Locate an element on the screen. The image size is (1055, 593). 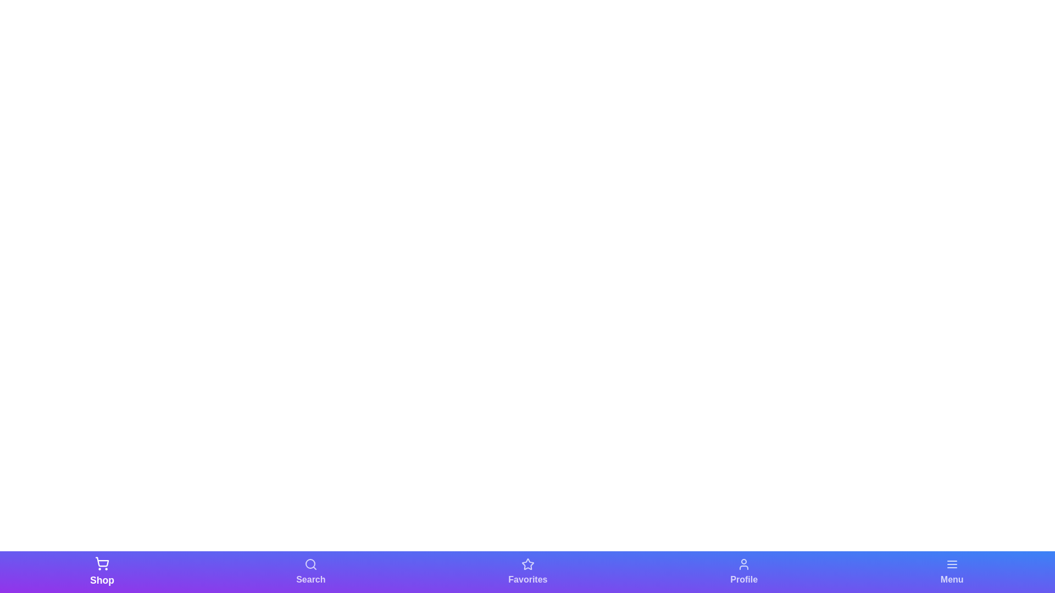
the navigation bar icon corresponding to Favorites is located at coordinates (527, 571).